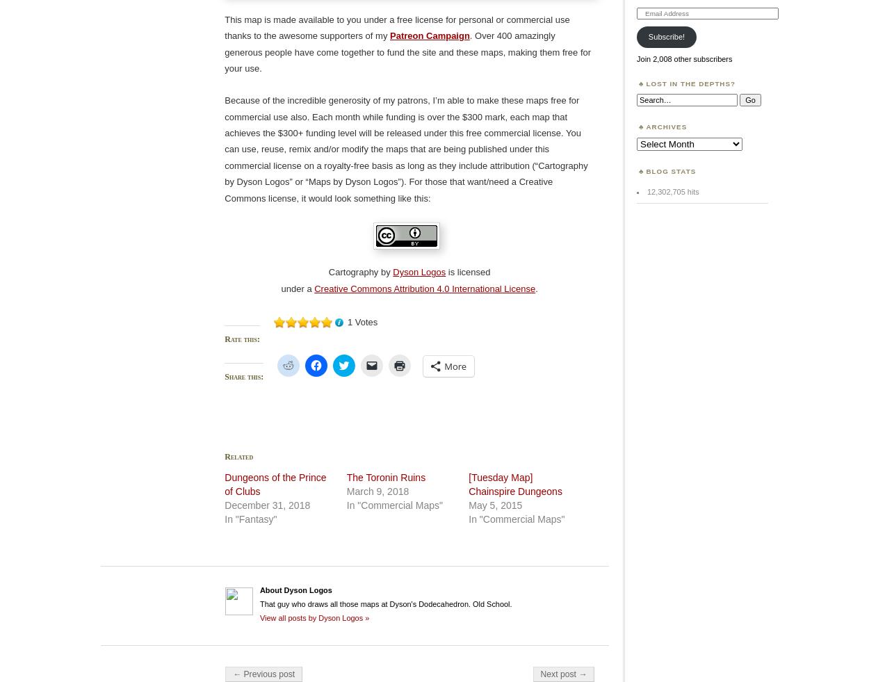  I want to click on 'Creative Commons Attribution 4.0 International License', so click(424, 287).